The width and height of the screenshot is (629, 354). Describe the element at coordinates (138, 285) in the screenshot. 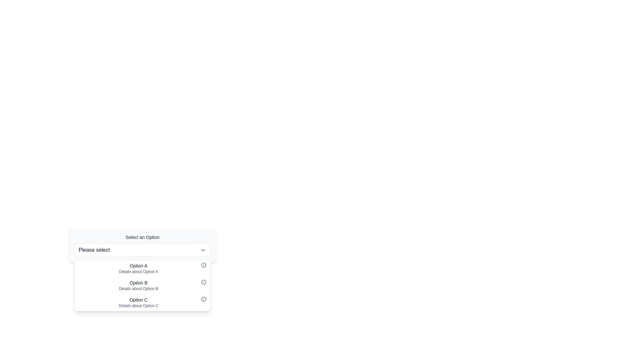

I see `the 'Option B' text block in the dropdown menu` at that location.